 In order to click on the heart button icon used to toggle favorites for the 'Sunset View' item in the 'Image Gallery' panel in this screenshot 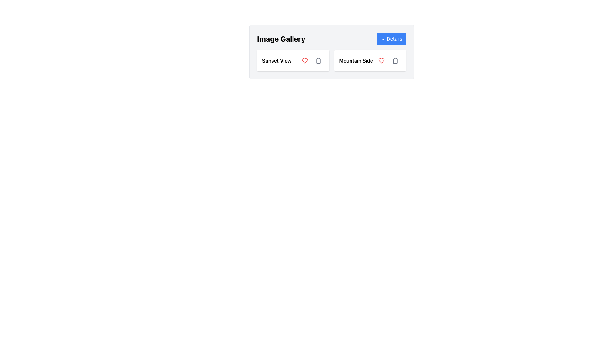, I will do `click(381, 60)`.